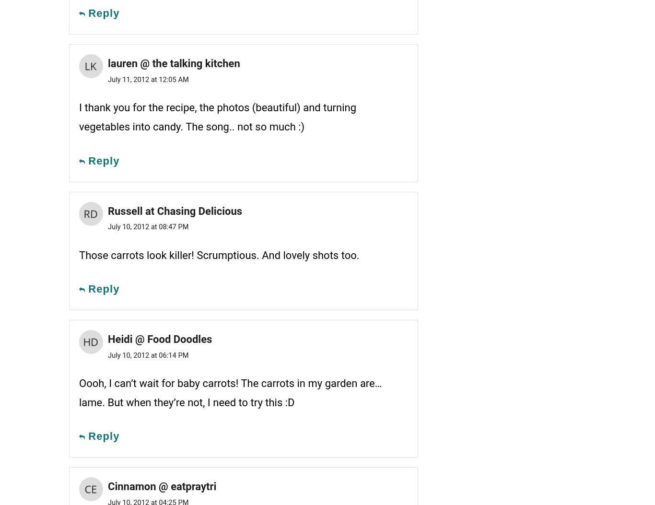 The image size is (655, 505). I want to click on 'Heidi @ Food Doodles', so click(160, 339).